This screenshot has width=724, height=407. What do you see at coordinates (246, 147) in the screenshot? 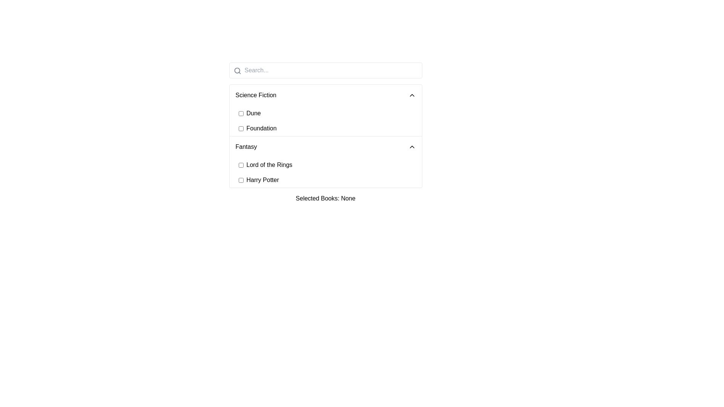
I see `the 'Fantasy' label which serves as a header for the collapsible section, allowing the user to interact with the dropdown indicator` at bounding box center [246, 147].